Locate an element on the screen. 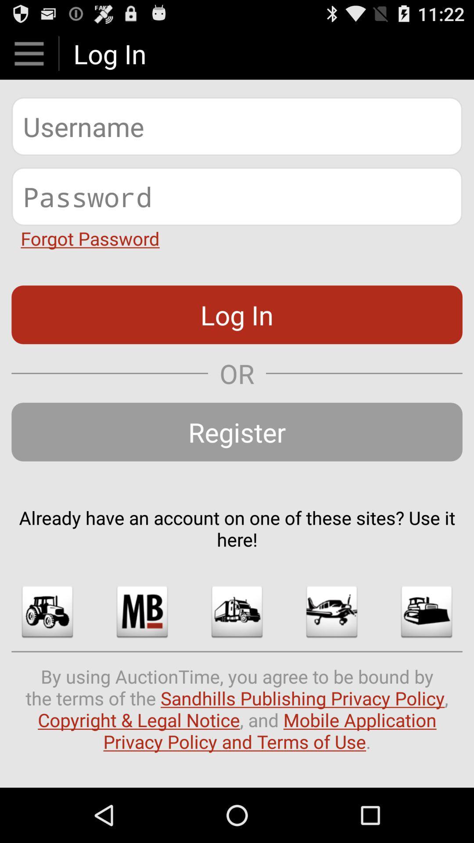 The width and height of the screenshot is (474, 843). the register item is located at coordinates (237, 432).